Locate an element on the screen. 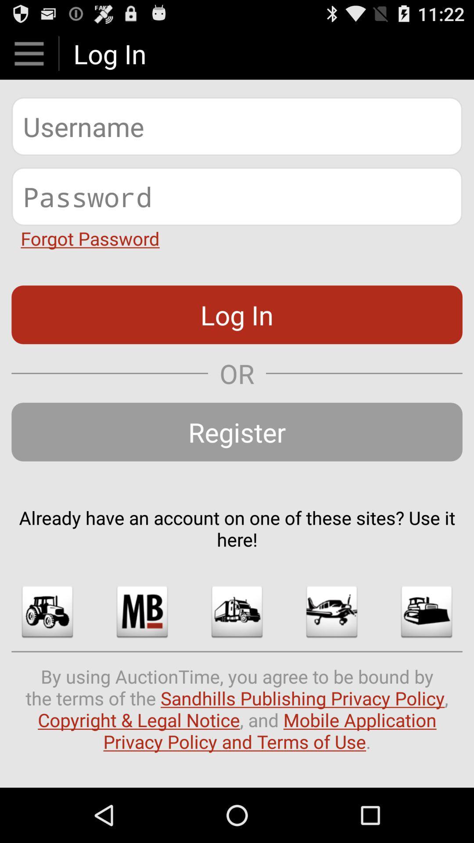 The width and height of the screenshot is (474, 843). the register item is located at coordinates (237, 432).